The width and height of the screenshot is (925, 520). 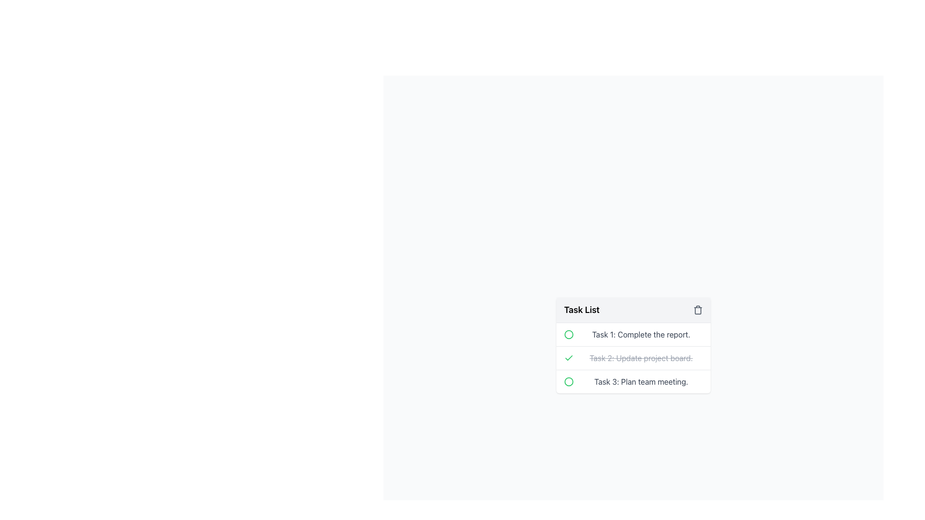 What do you see at coordinates (568, 334) in the screenshot?
I see `the center of the Circular Icon, which serves as a status indicator or toggle for the task entry, to change its state` at bounding box center [568, 334].